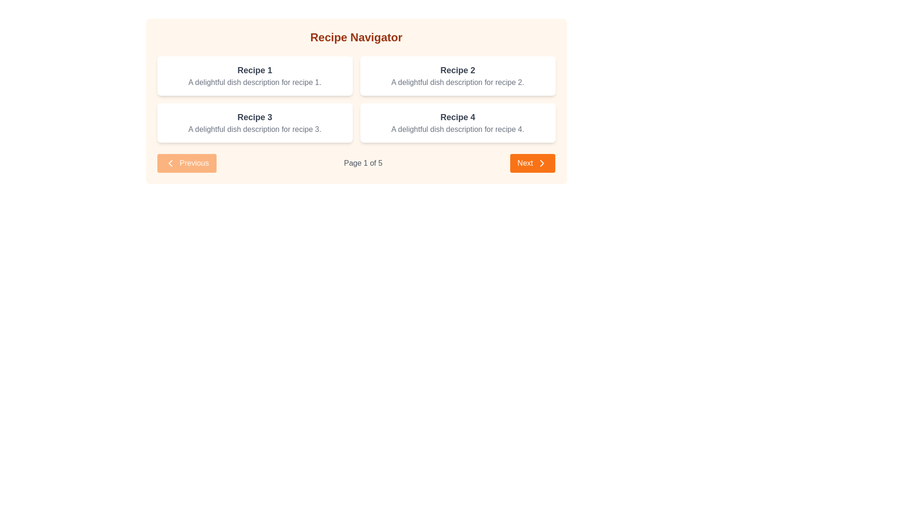 The image size is (902, 507). Describe the element at coordinates (458, 117) in the screenshot. I see `the title text label for the recipe card located in the fourth and bottom-right white rectangular card in the grid layout` at that location.